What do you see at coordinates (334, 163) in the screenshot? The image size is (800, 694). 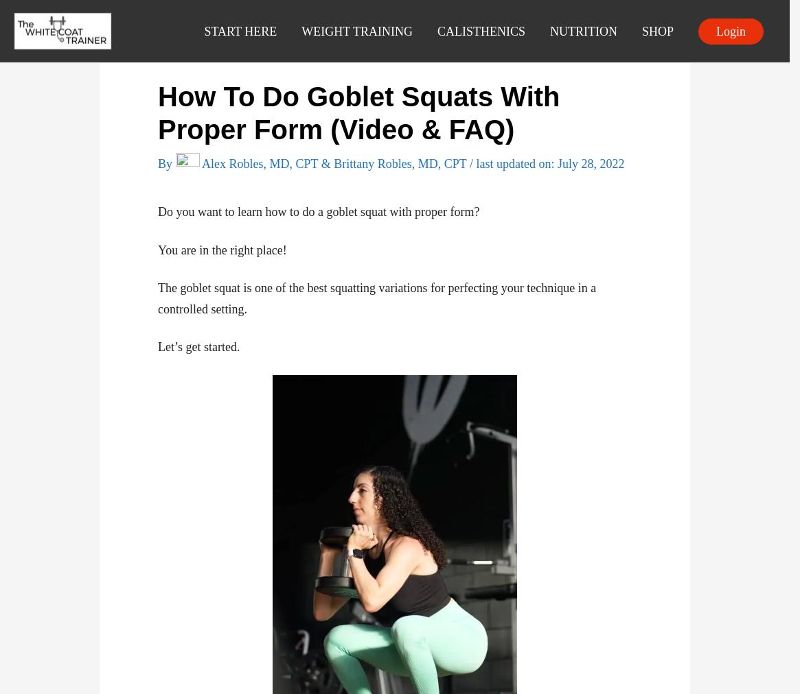 I see `'Alex Robles, MD, CPT & Brittany Robles, MD, CPT'` at bounding box center [334, 163].